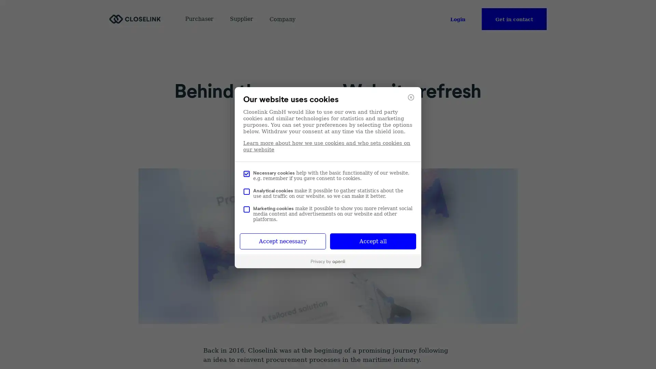 The image size is (656, 369). Describe the element at coordinates (373, 238) in the screenshot. I see `Accept all` at that location.